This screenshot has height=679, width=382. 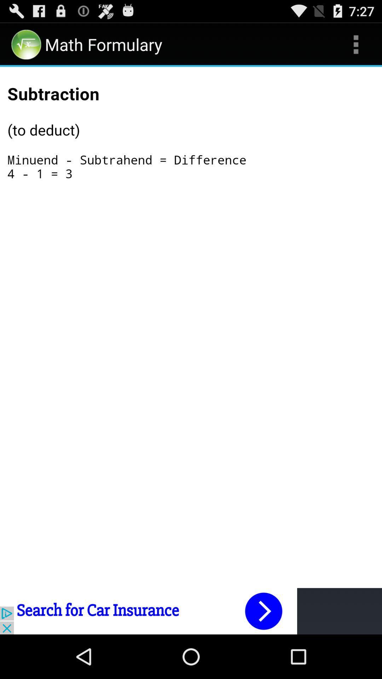 What do you see at coordinates (191, 611) in the screenshot?
I see `advertisement` at bounding box center [191, 611].